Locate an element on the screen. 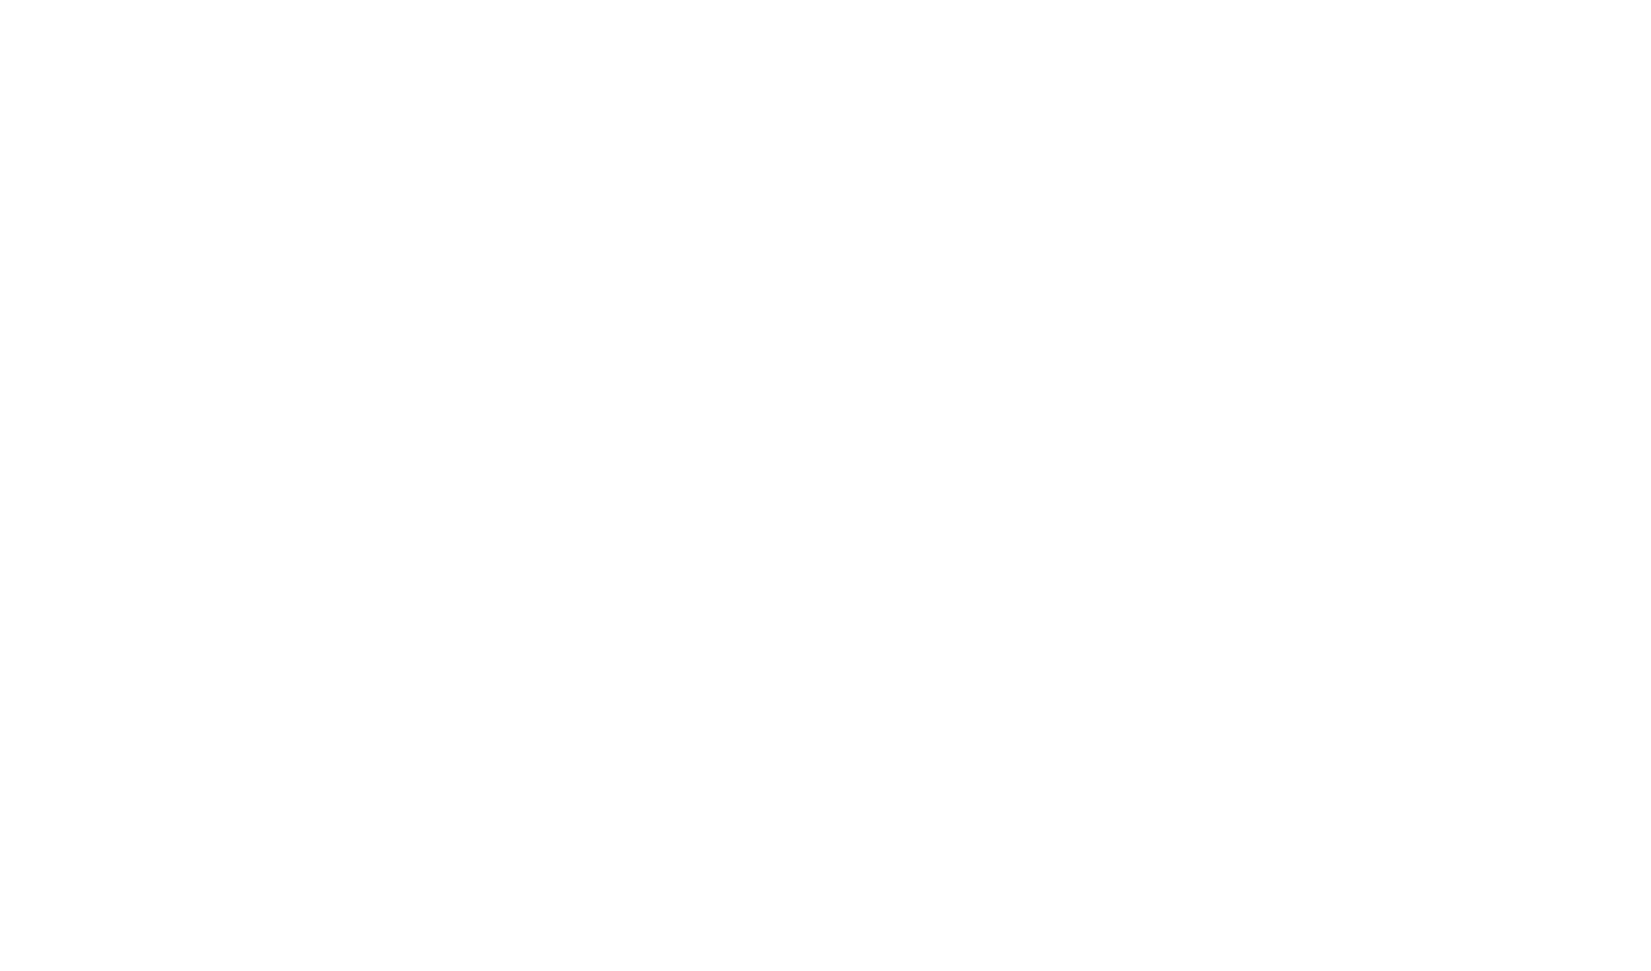 The image size is (1651, 971). 'is the ideal place for all travelers looking for comfort, conviviality and authenticity. Come and live a unique experience in our' is located at coordinates (825, 676).